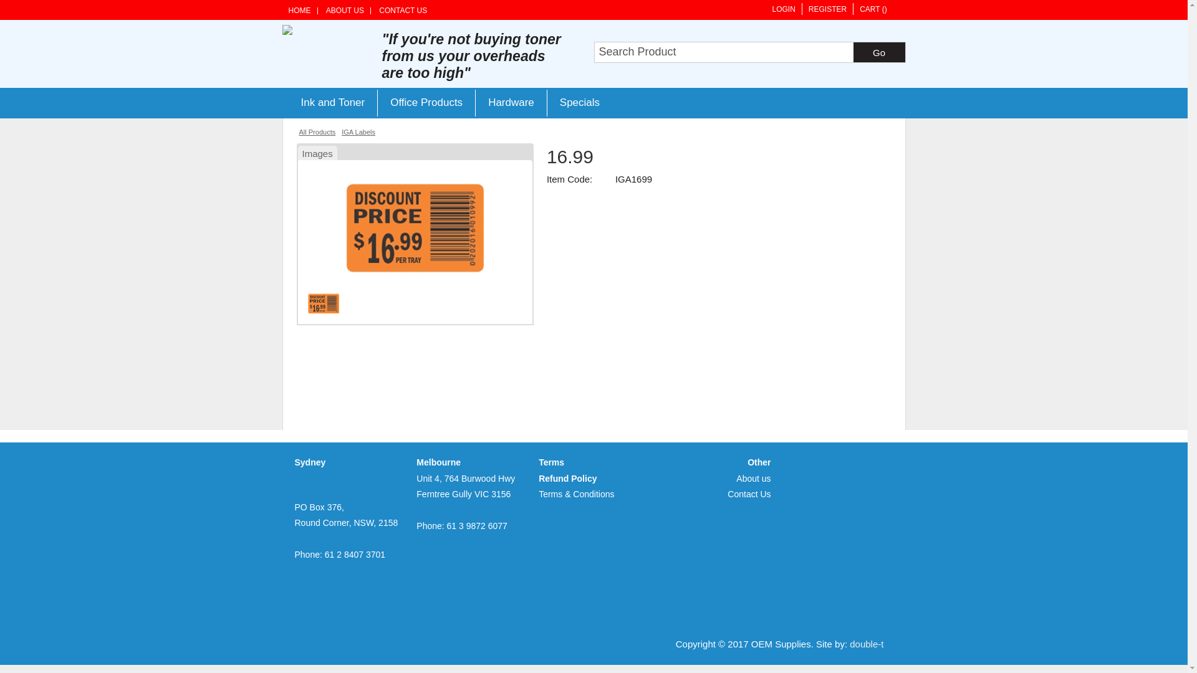  I want to click on 'Show this Image', so click(308, 303).